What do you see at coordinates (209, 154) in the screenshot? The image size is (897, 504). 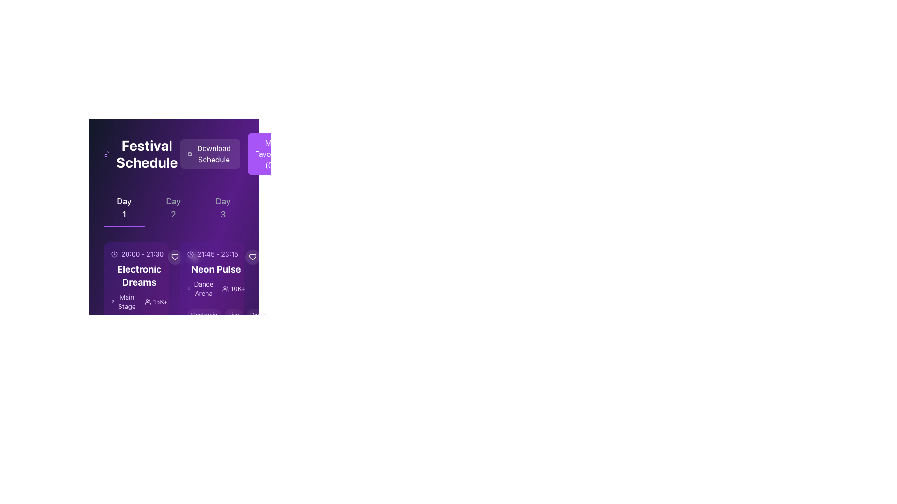 I see `the 'Download Schedule' button with purple background and white text to activate it` at bounding box center [209, 154].